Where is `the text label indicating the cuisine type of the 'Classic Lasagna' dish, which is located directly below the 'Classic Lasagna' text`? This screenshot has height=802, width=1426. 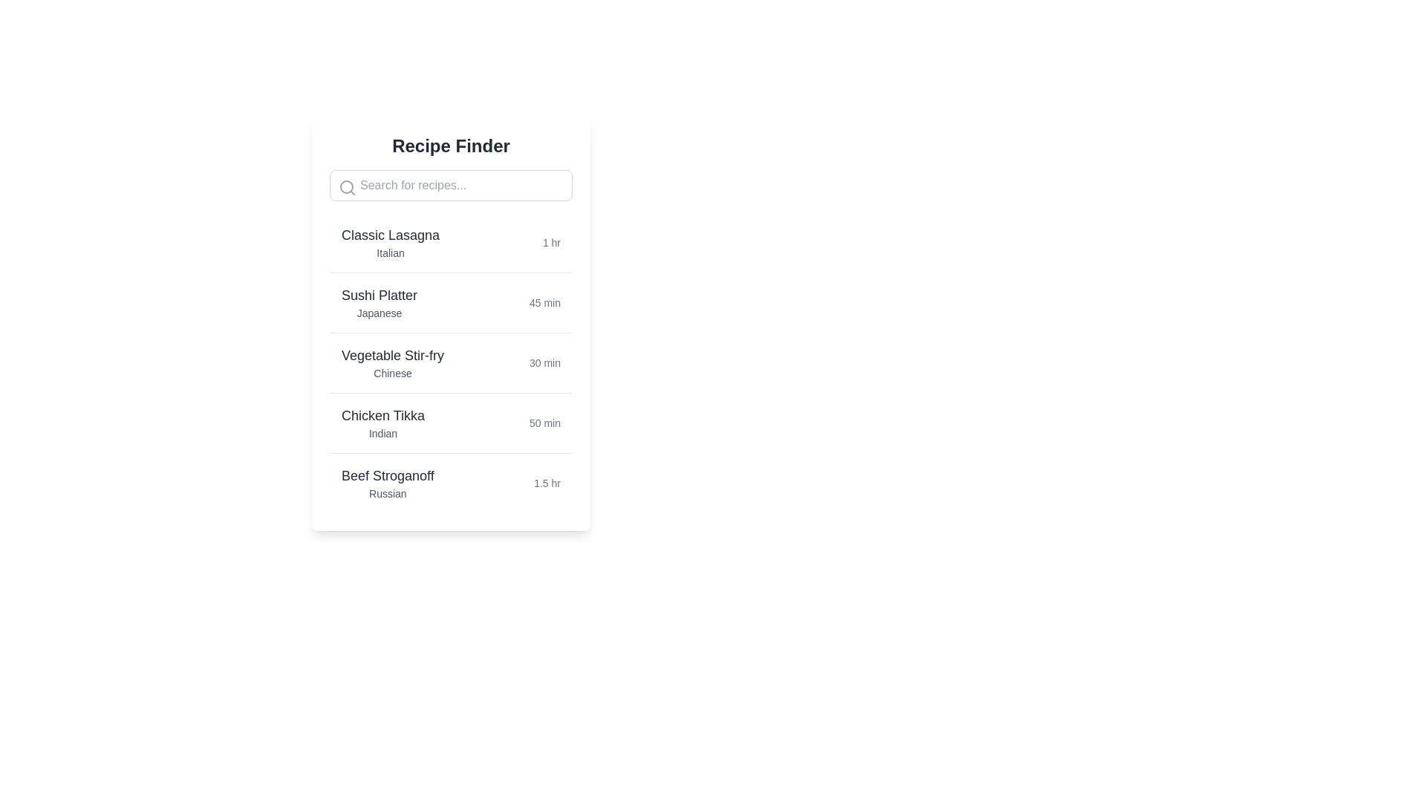 the text label indicating the cuisine type of the 'Classic Lasagna' dish, which is located directly below the 'Classic Lasagna' text is located at coordinates (391, 252).